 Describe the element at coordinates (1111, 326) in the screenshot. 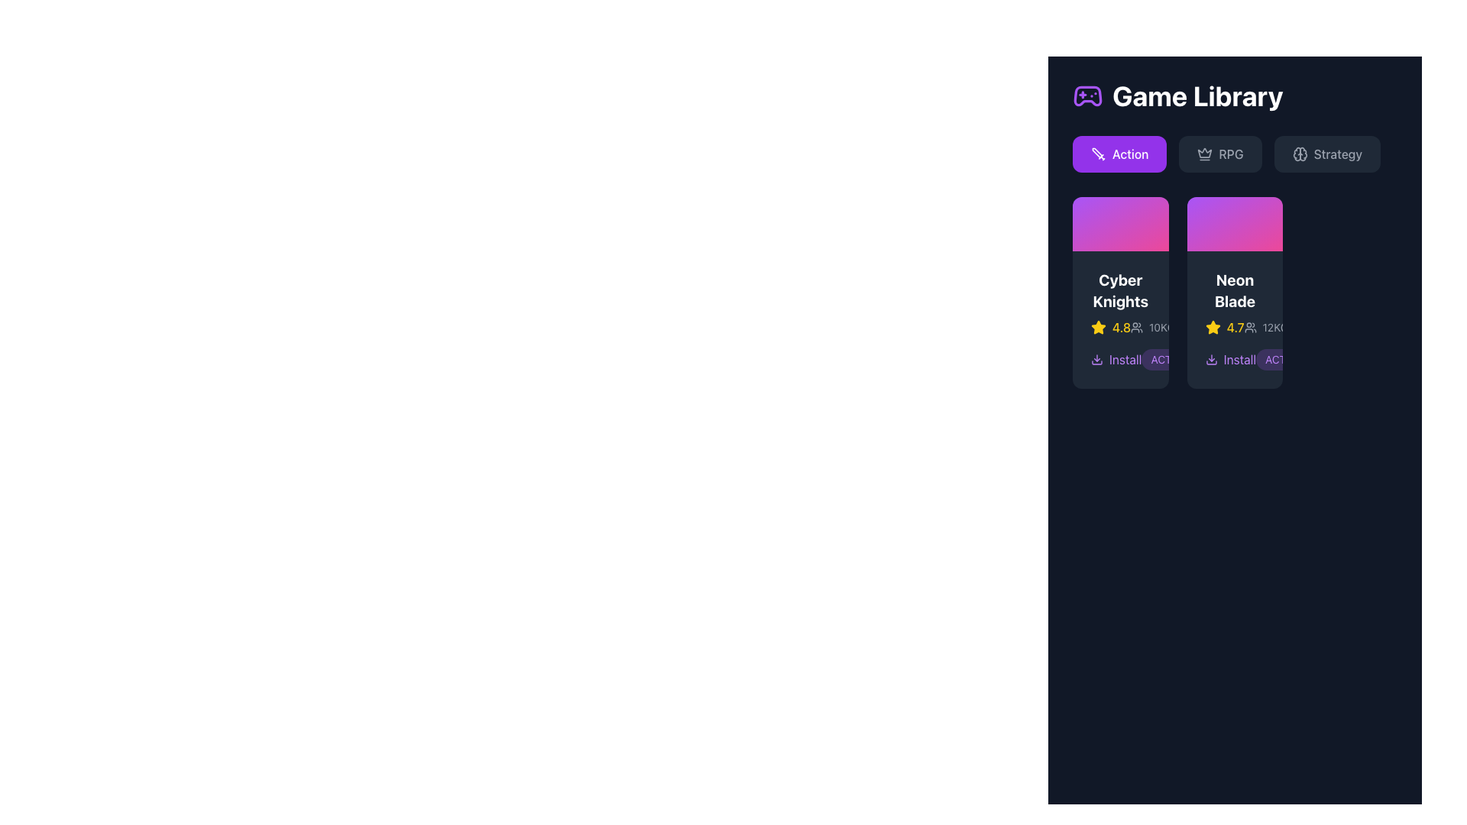

I see `rating from the yellow star icon and text '4.8' in the Rating indicator for 'Cyber Knights' to gain information about the game's reputation` at that location.